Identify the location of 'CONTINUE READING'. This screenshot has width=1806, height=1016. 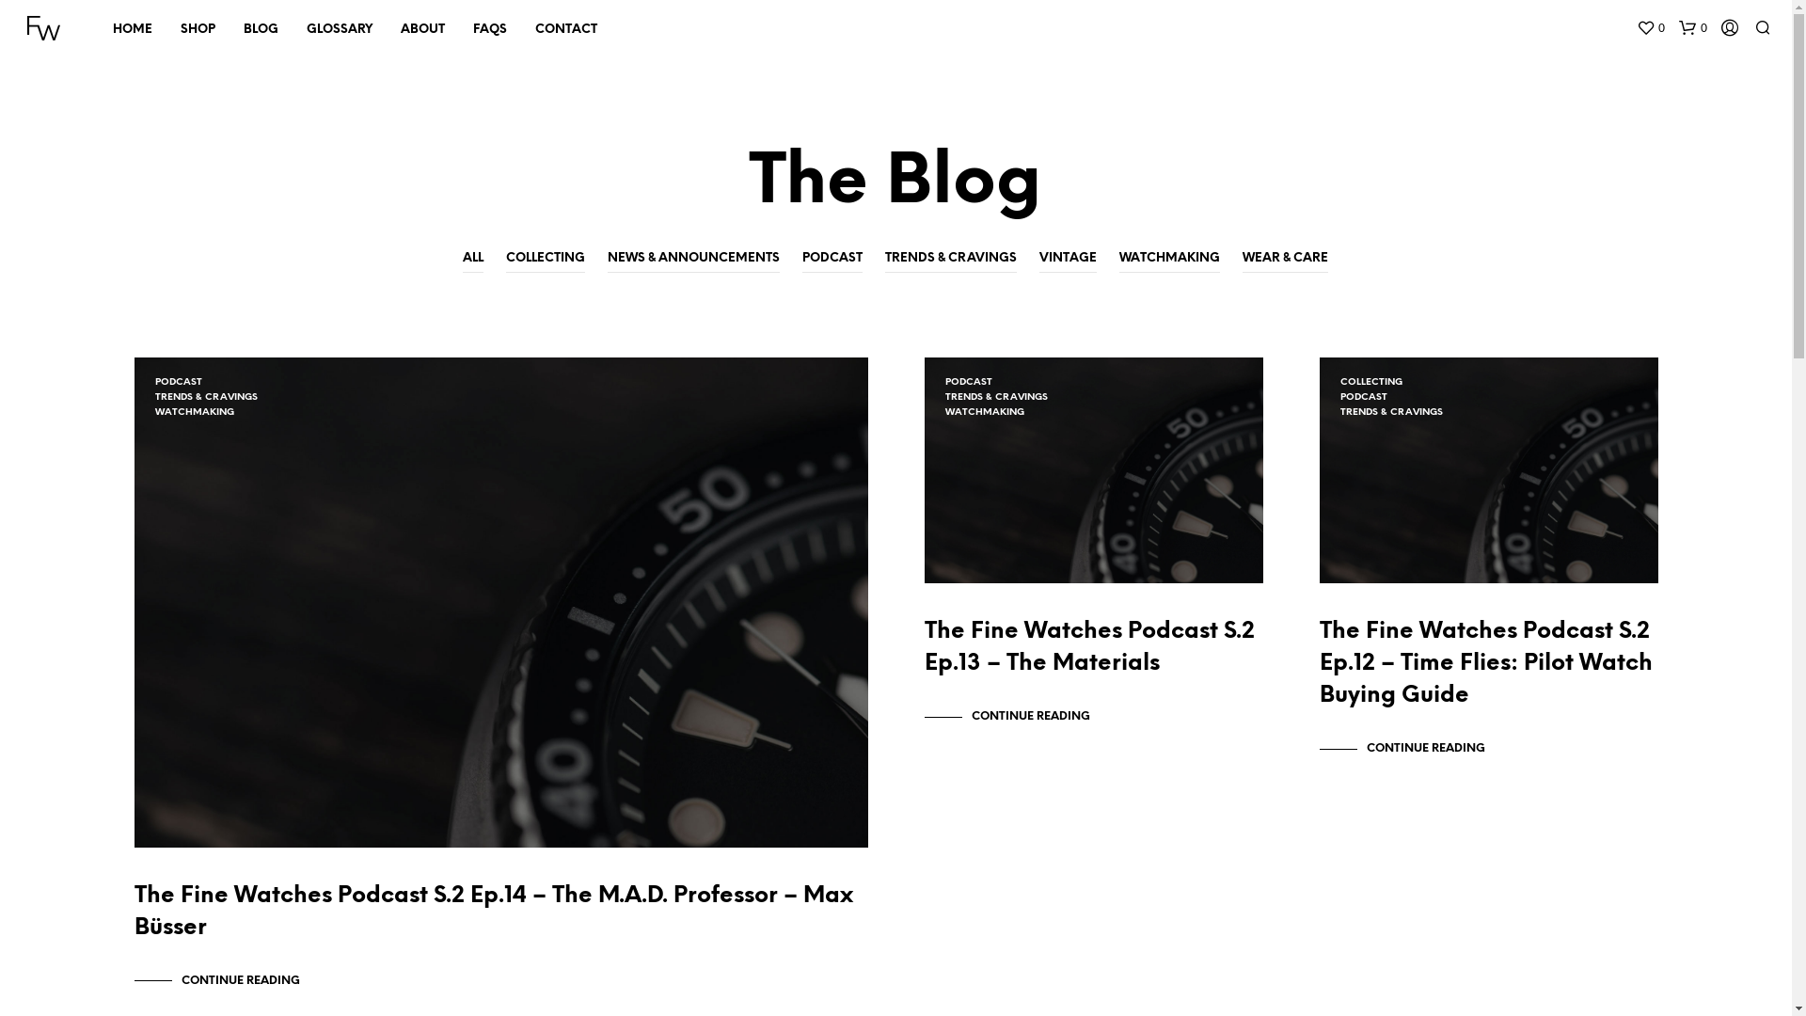
(216, 979).